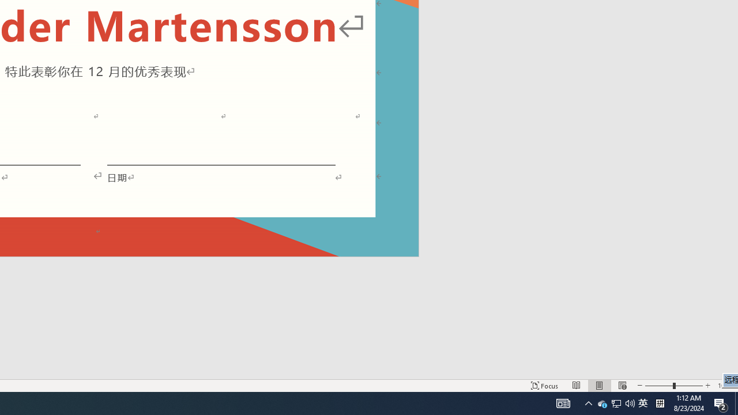 The image size is (738, 415). Describe the element at coordinates (673, 386) in the screenshot. I see `'Zoom'` at that location.